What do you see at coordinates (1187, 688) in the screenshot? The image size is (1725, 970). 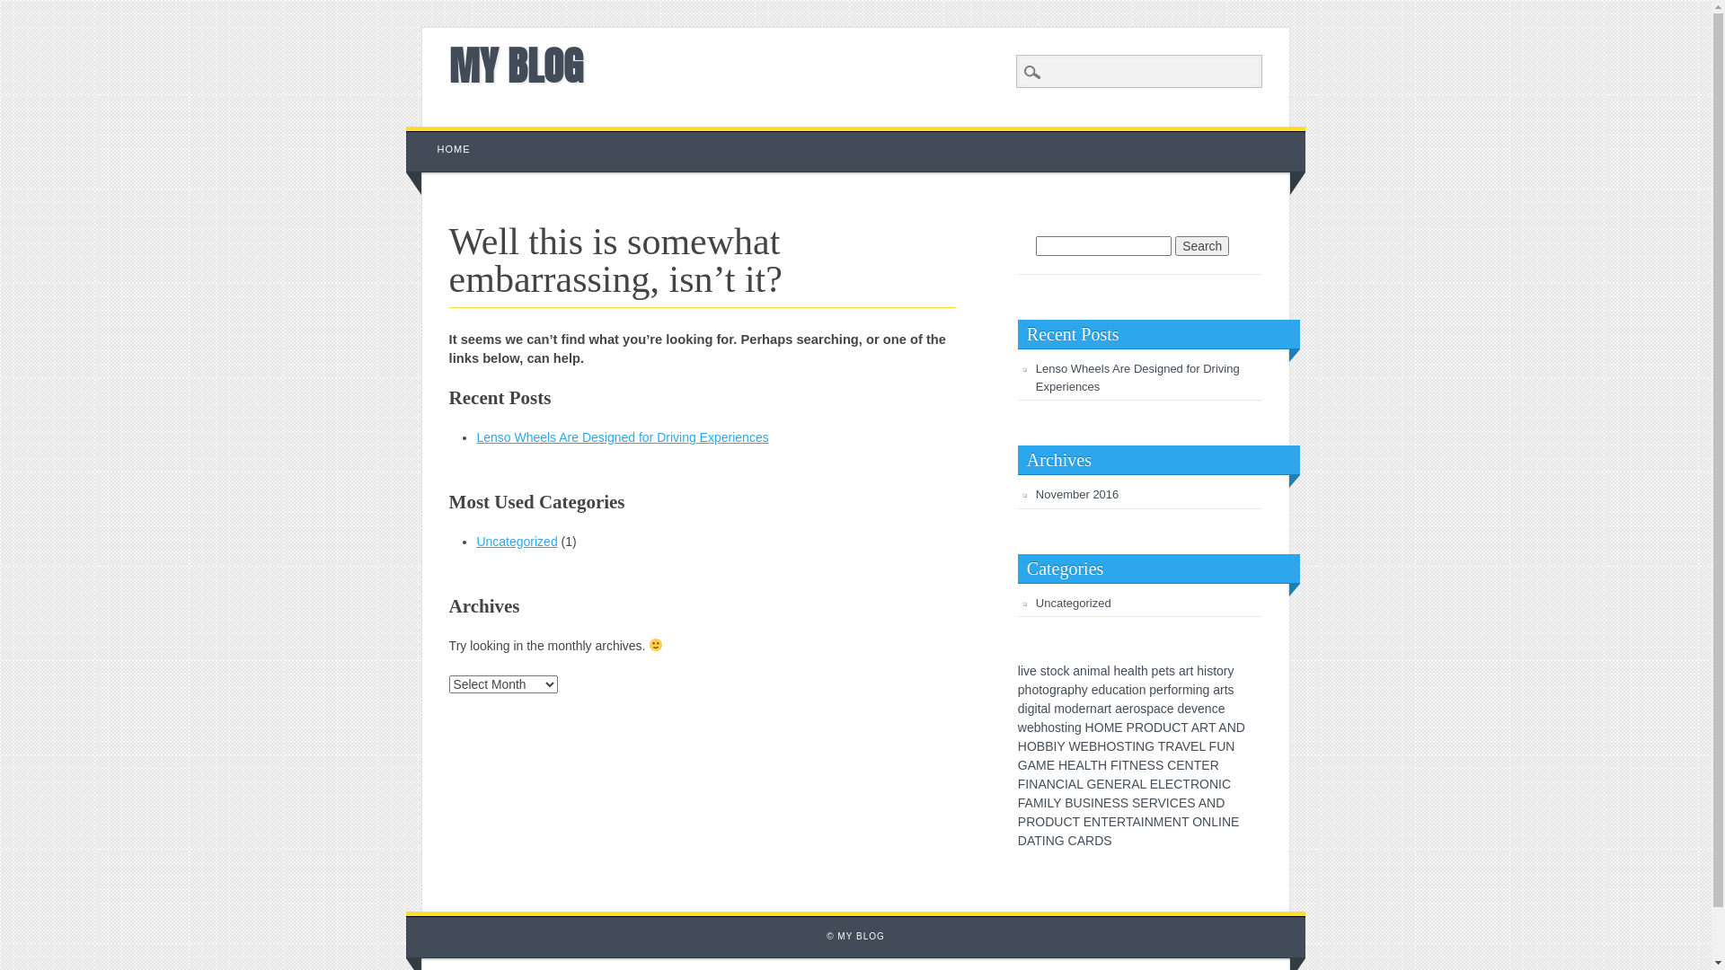 I see `'m'` at bounding box center [1187, 688].